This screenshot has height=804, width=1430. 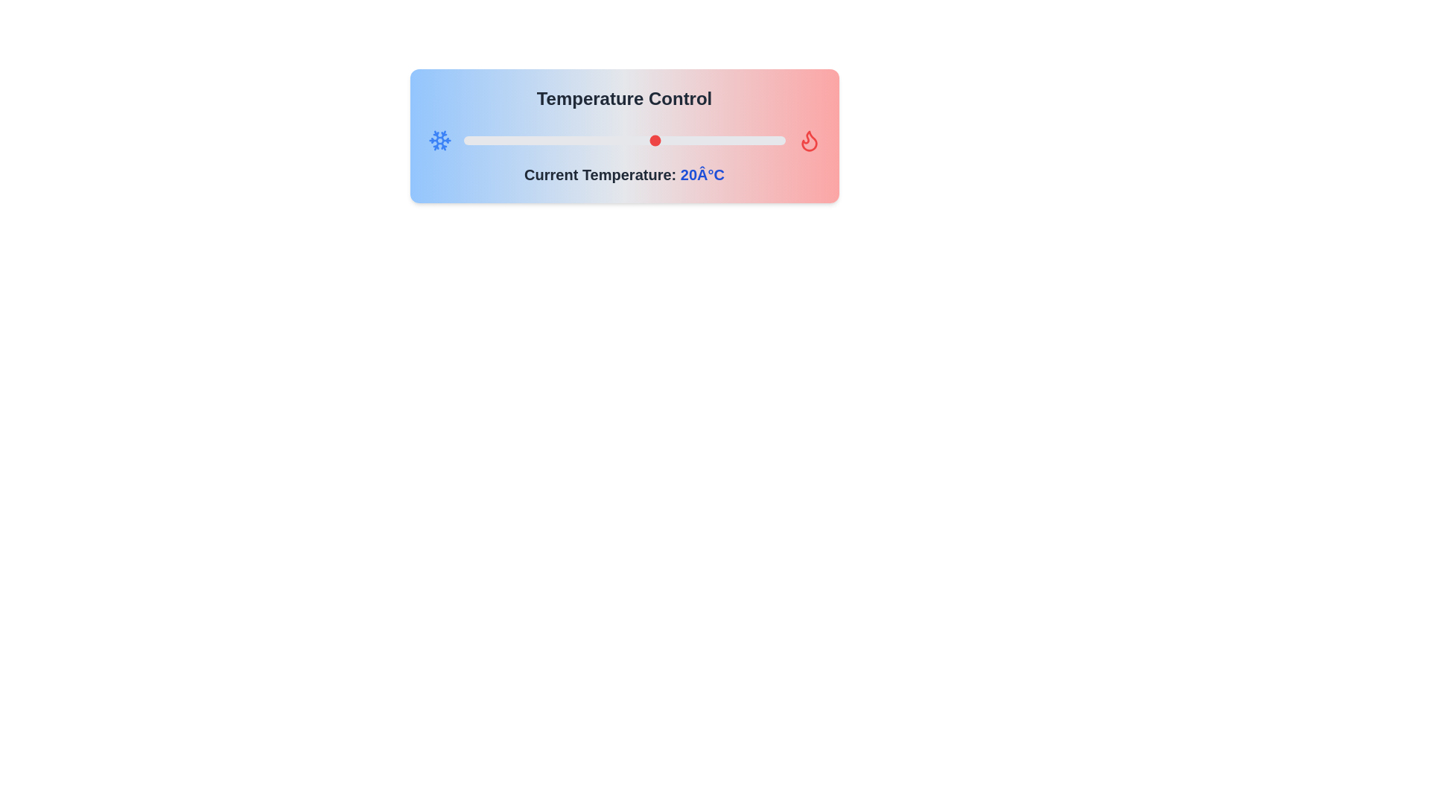 What do you see at coordinates (721, 141) in the screenshot?
I see `the temperature slider to 30 degrees Celsius` at bounding box center [721, 141].